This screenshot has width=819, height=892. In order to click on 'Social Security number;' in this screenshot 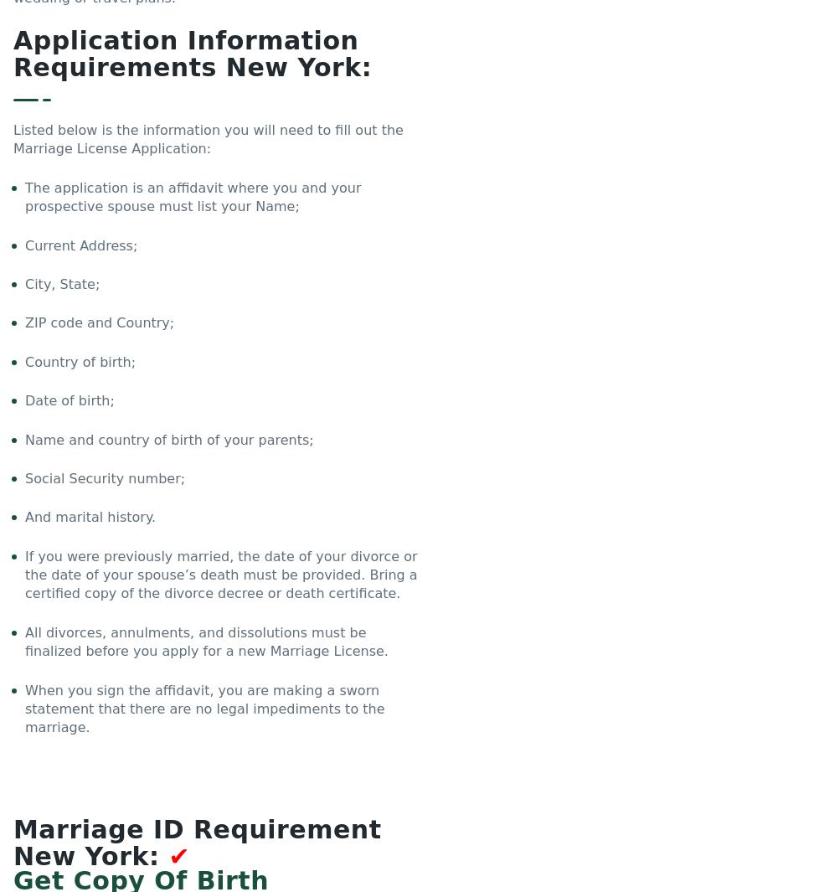, I will do `click(105, 477)`.